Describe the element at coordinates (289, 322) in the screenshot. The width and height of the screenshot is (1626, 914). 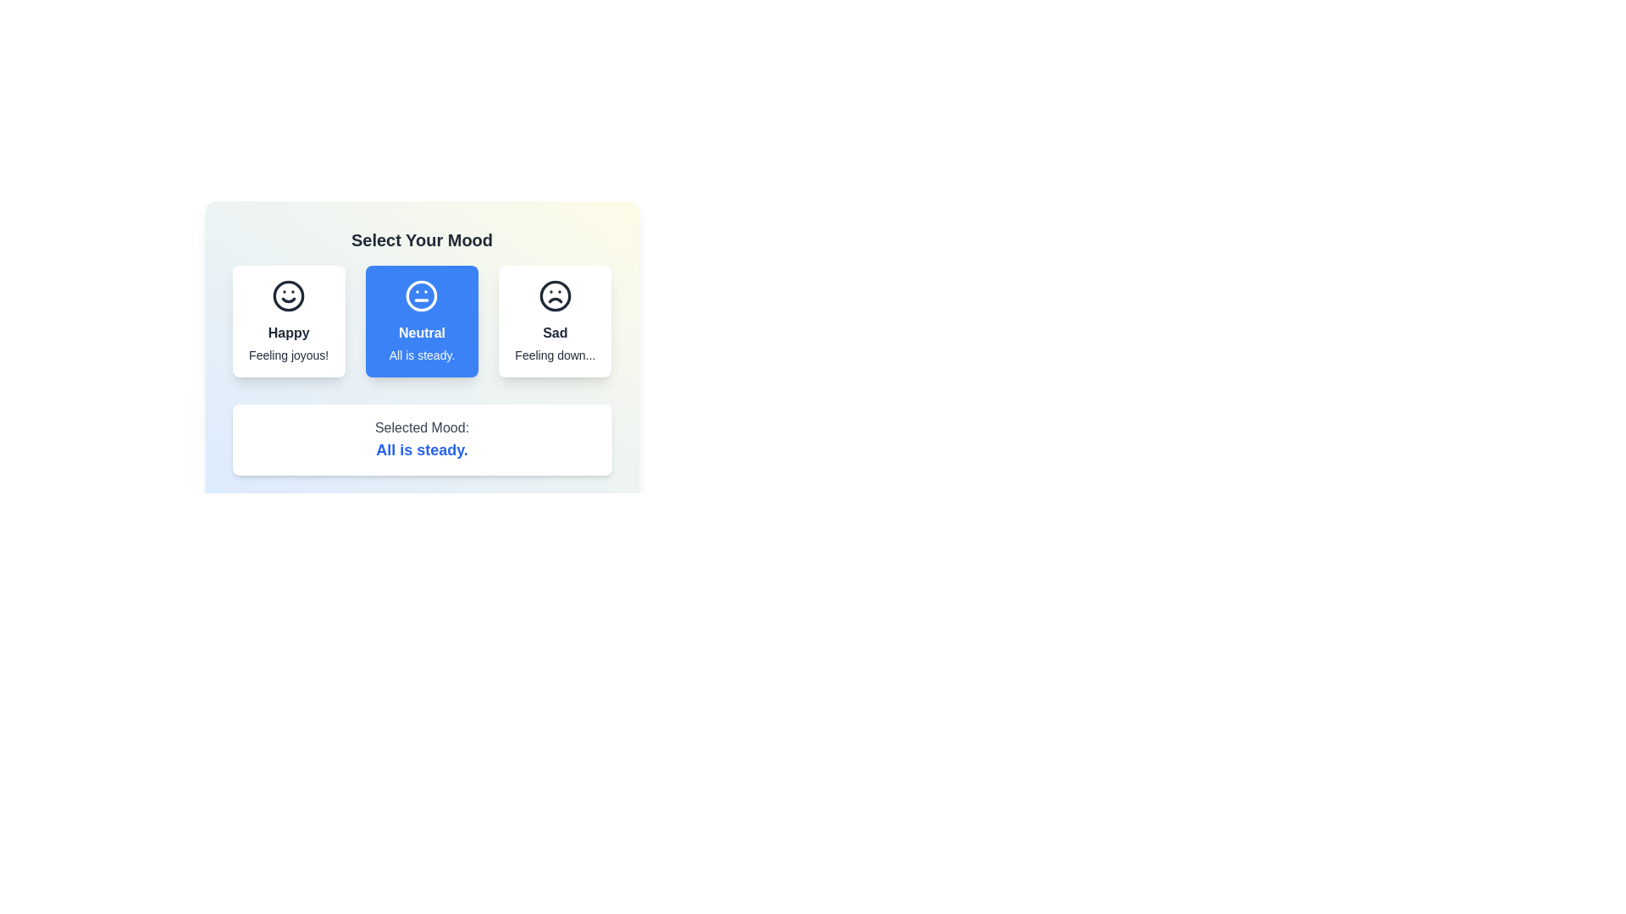
I see `the mood button corresponding to happy` at that location.